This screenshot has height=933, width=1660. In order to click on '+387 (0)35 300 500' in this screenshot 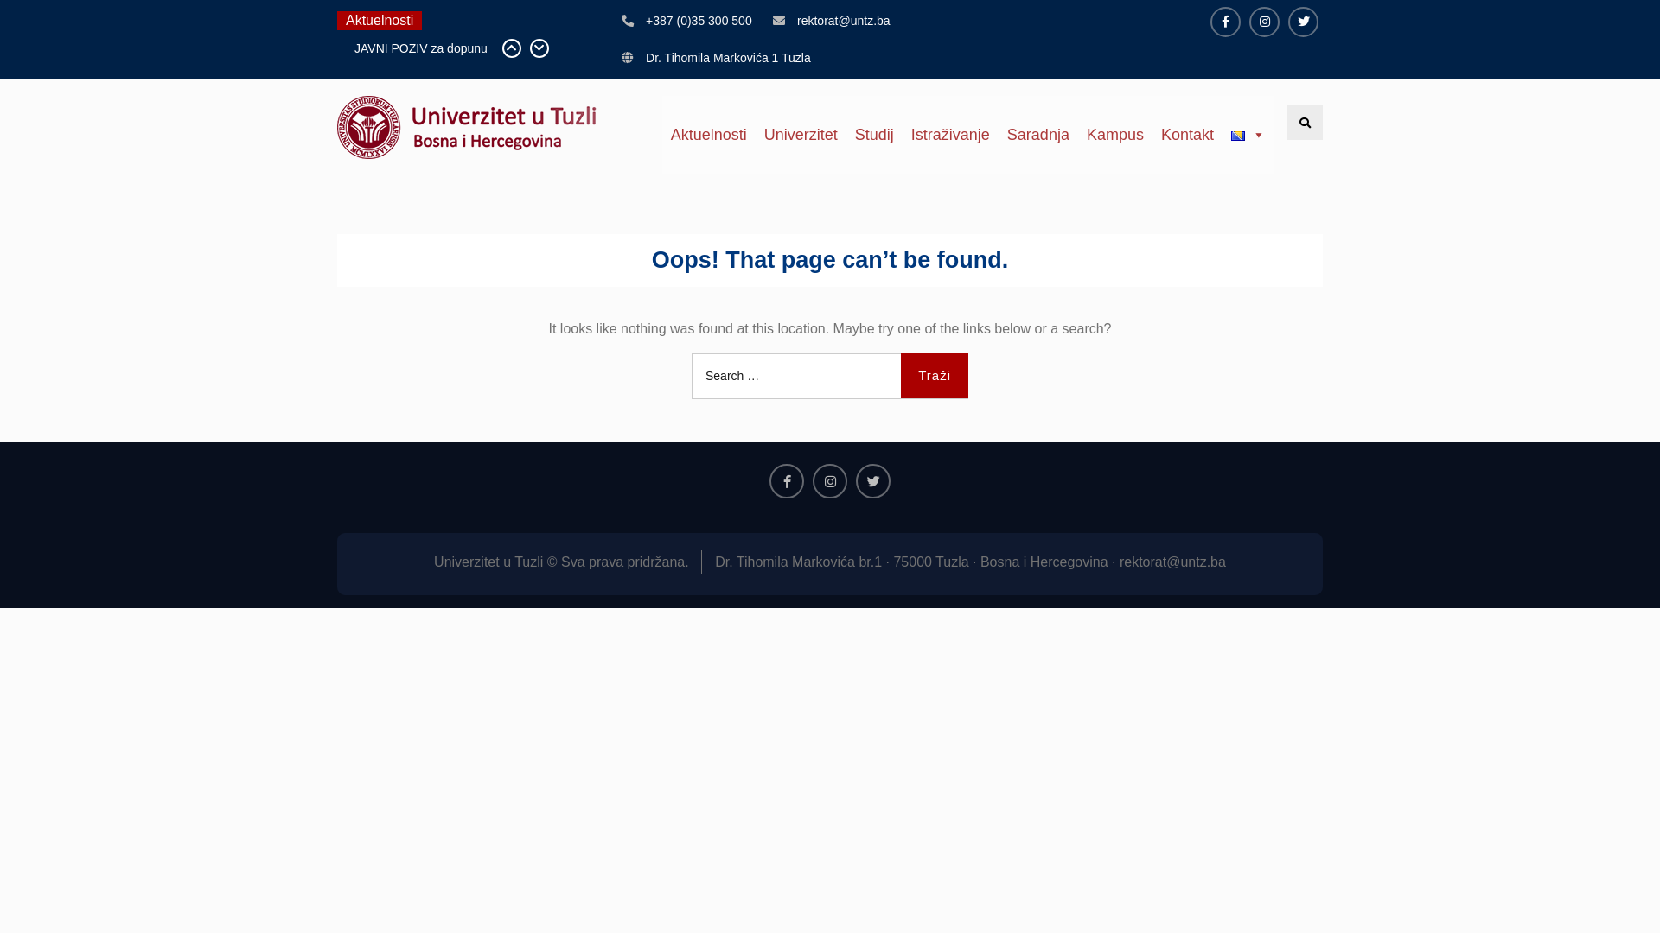, I will do `click(699, 21)`.